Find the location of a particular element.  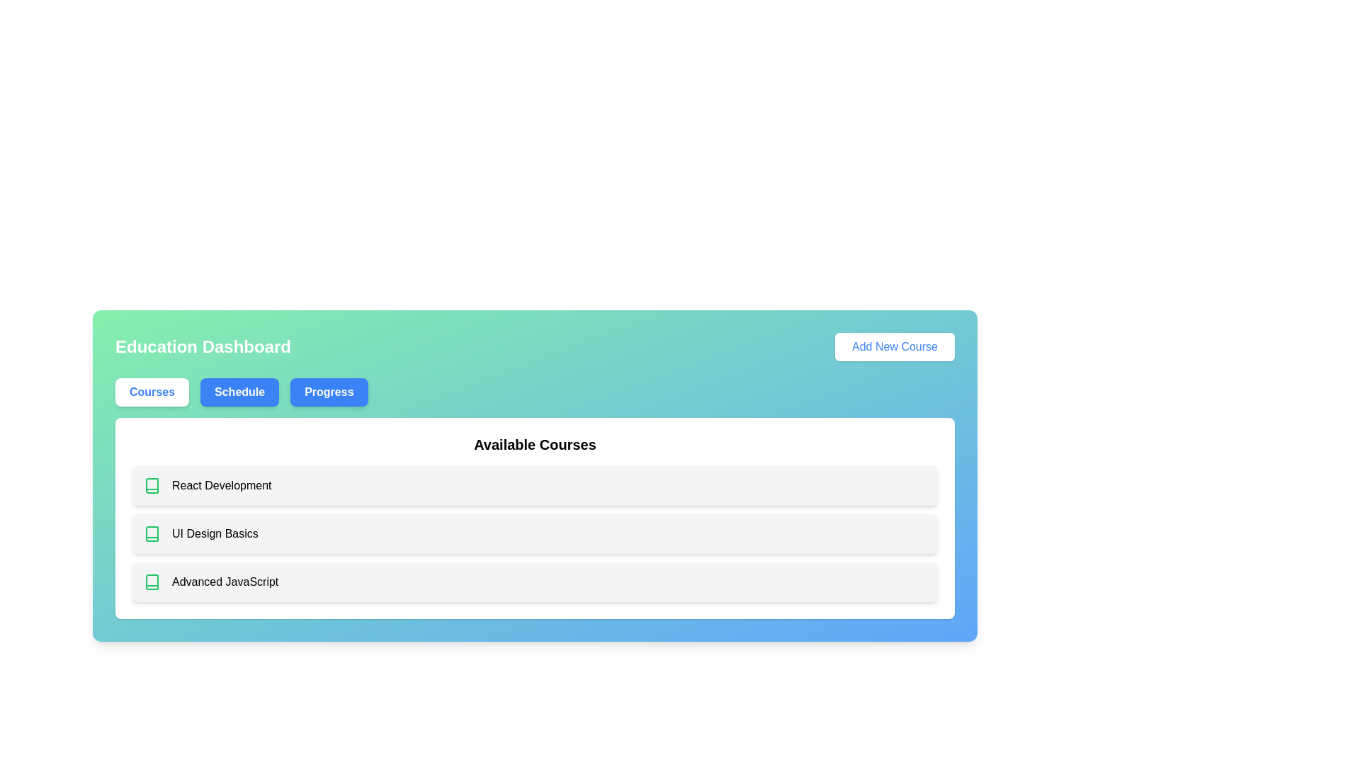

the educational icon located to the left of the 'Advanced JavaScript' text in the third row under the 'Available Courses' section is located at coordinates (152, 582).